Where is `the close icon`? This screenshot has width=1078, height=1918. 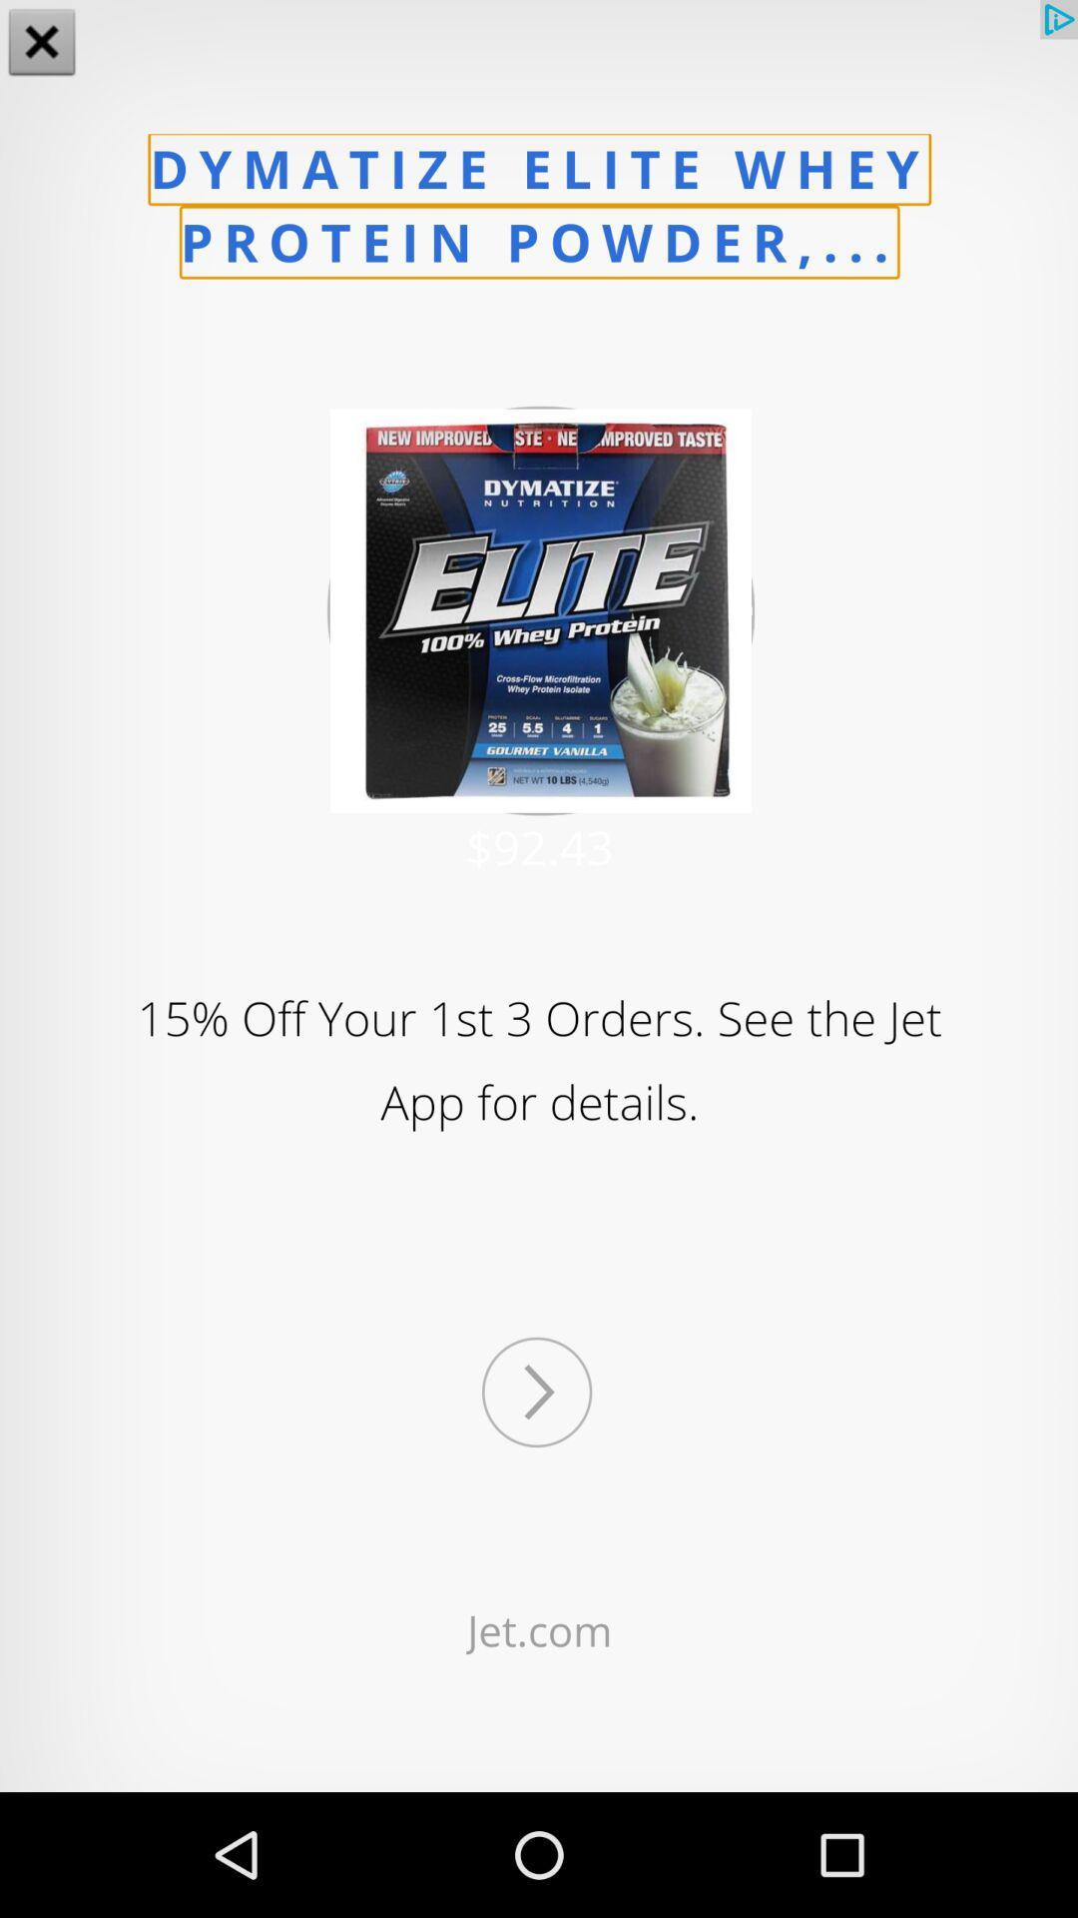
the close icon is located at coordinates (42, 42).